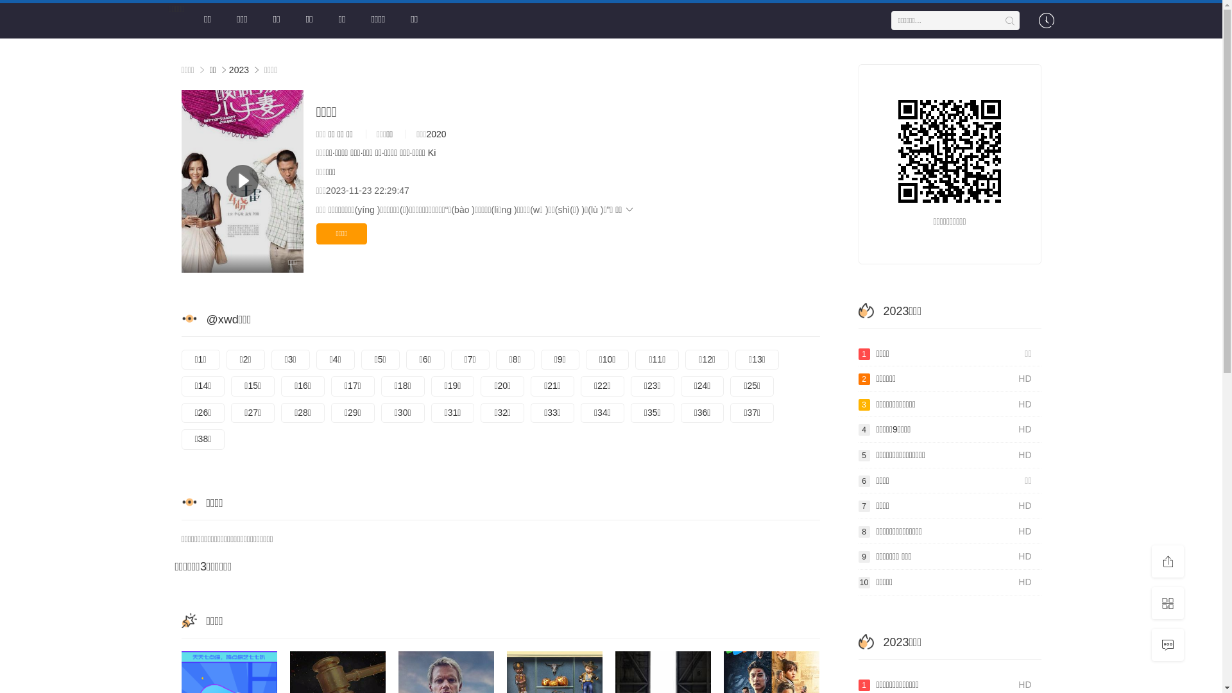 The image size is (1232, 693). What do you see at coordinates (239, 69) in the screenshot?
I see `'2023'` at bounding box center [239, 69].